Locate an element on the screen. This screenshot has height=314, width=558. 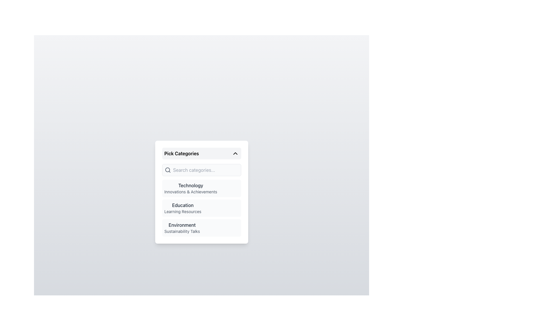
the 'Technology' category section within the light-colored card titled 'Pick Categories' is located at coordinates (201, 192).